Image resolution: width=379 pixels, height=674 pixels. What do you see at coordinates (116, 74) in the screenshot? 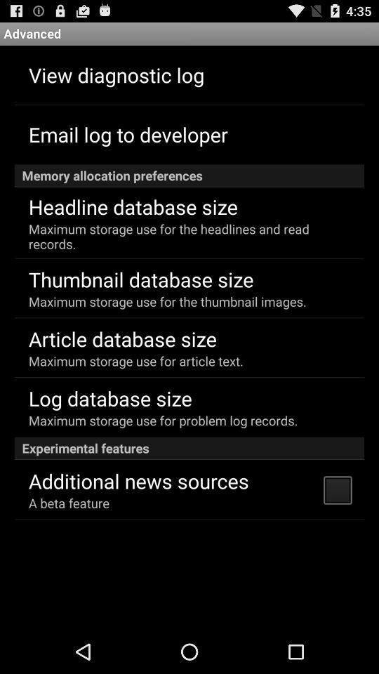
I see `the app above the email log to app` at bounding box center [116, 74].